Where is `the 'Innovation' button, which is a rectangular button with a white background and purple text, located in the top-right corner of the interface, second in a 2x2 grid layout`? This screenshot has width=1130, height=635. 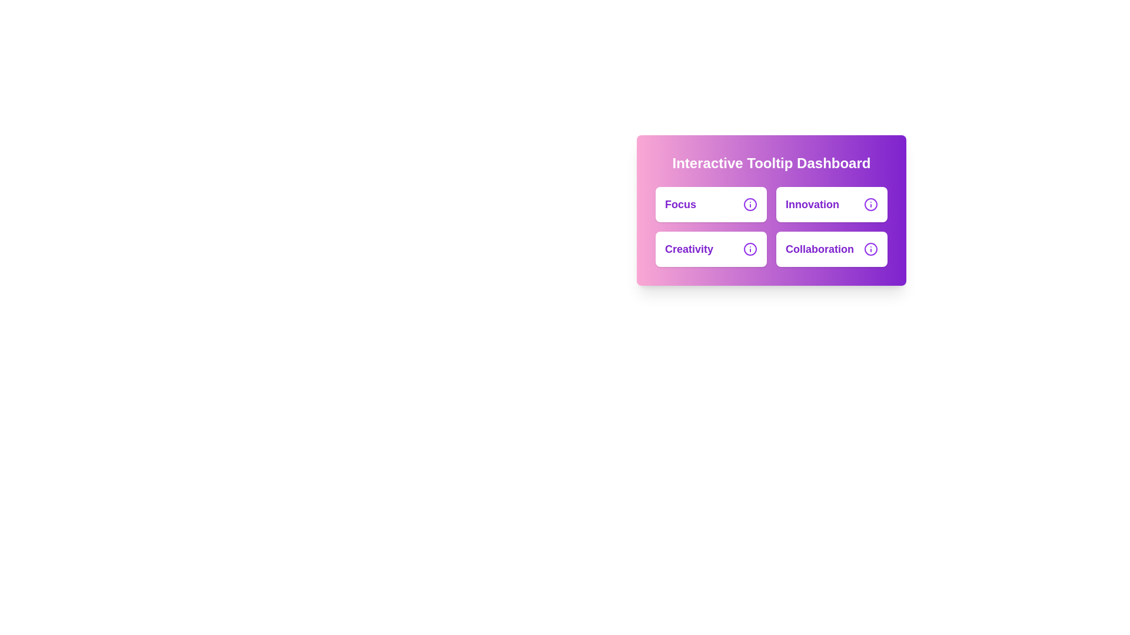 the 'Innovation' button, which is a rectangular button with a white background and purple text, located in the top-right corner of the interface, second in a 2x2 grid layout is located at coordinates (831, 203).